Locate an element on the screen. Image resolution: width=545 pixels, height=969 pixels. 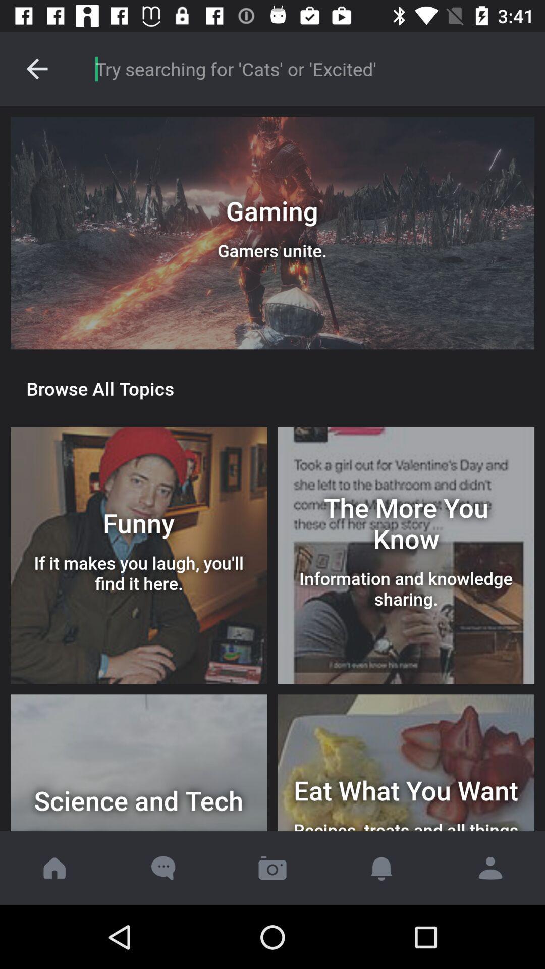
go back is located at coordinates (36, 68).